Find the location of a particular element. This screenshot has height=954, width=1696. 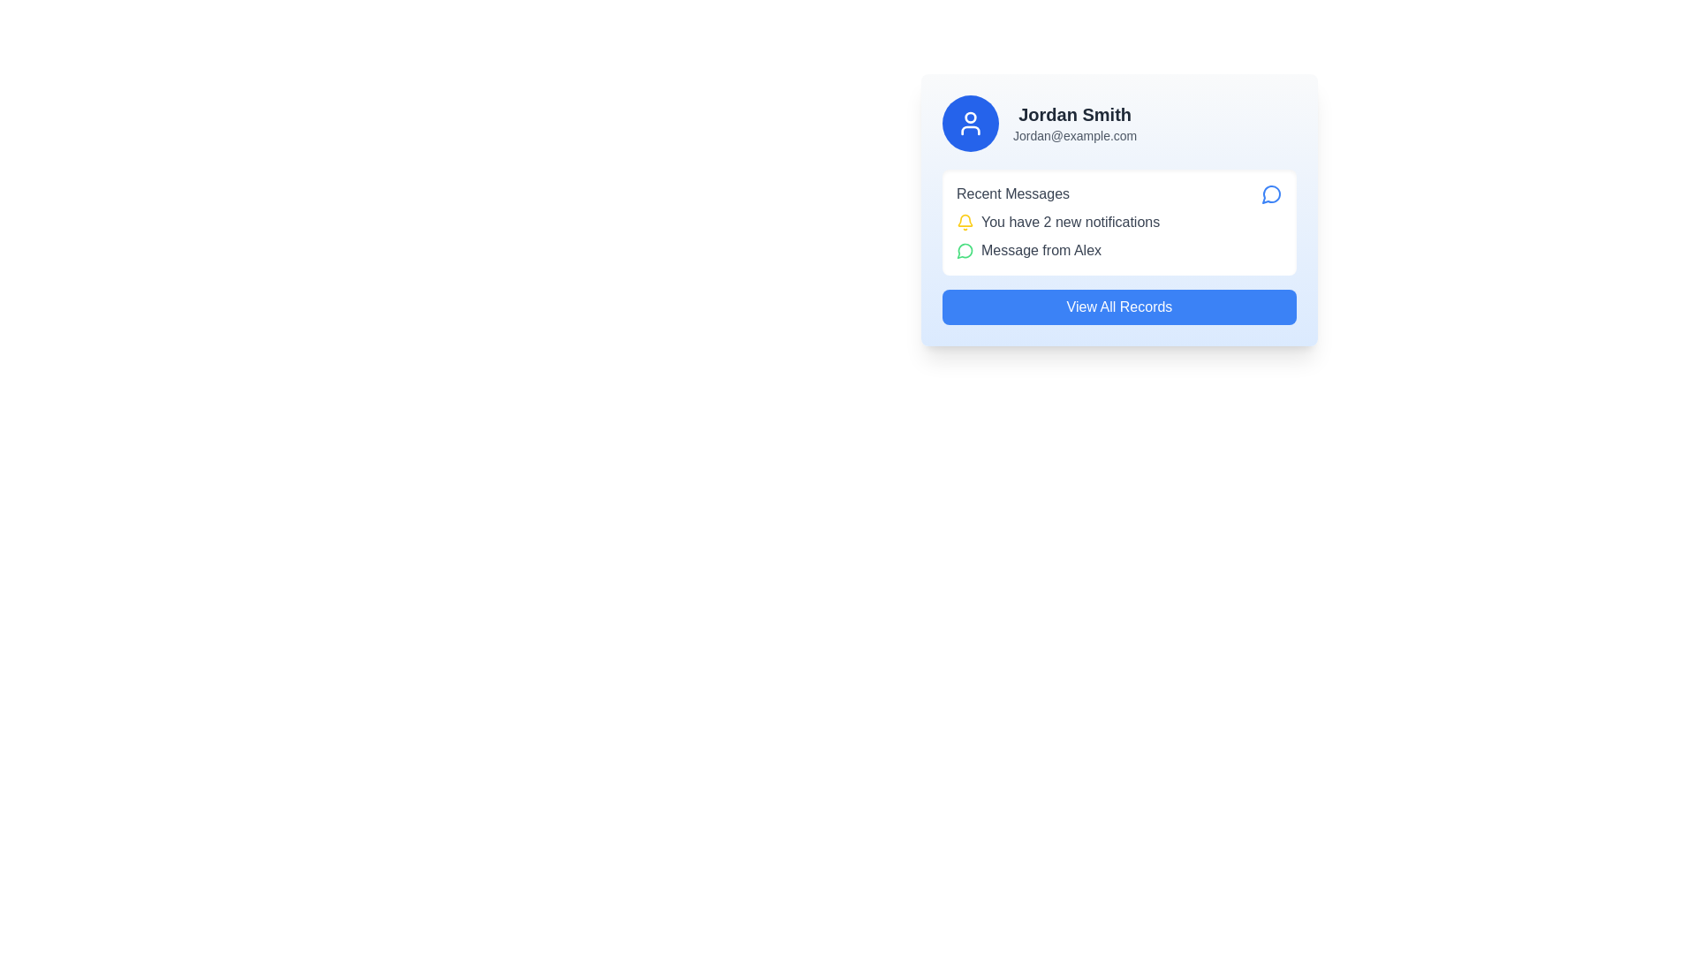

the circular icon button with a blue background and white user profile icon, located in the top left corner of the user profile display area is located at coordinates (970, 122).